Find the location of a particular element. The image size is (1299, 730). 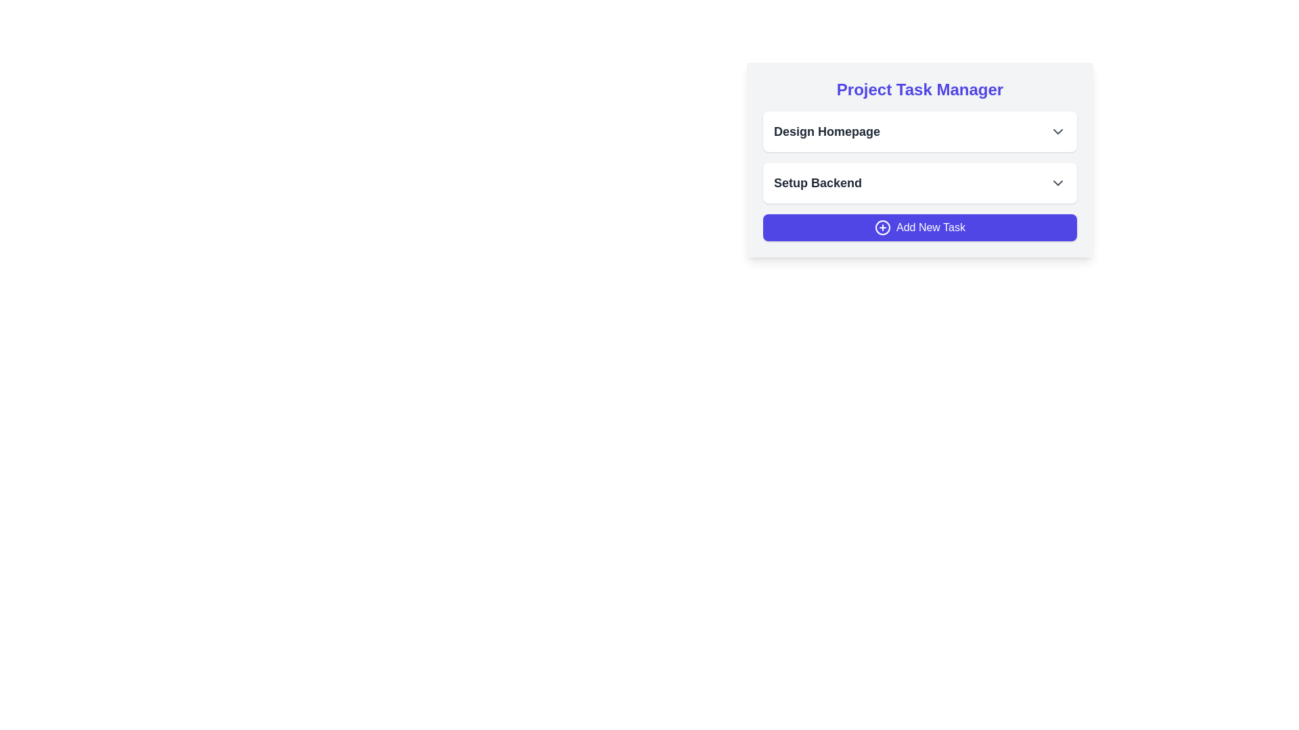

the 'Setup Backend' dropdown menu element for keyboard navigation is located at coordinates (919, 182).